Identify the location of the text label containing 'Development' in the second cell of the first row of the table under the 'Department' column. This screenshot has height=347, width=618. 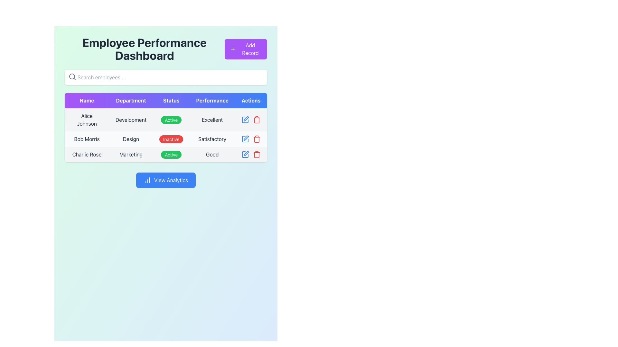
(131, 120).